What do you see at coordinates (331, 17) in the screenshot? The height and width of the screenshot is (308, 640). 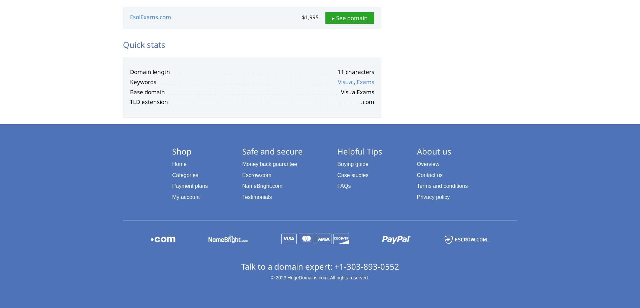 I see `'▸ See domain'` at bounding box center [331, 17].